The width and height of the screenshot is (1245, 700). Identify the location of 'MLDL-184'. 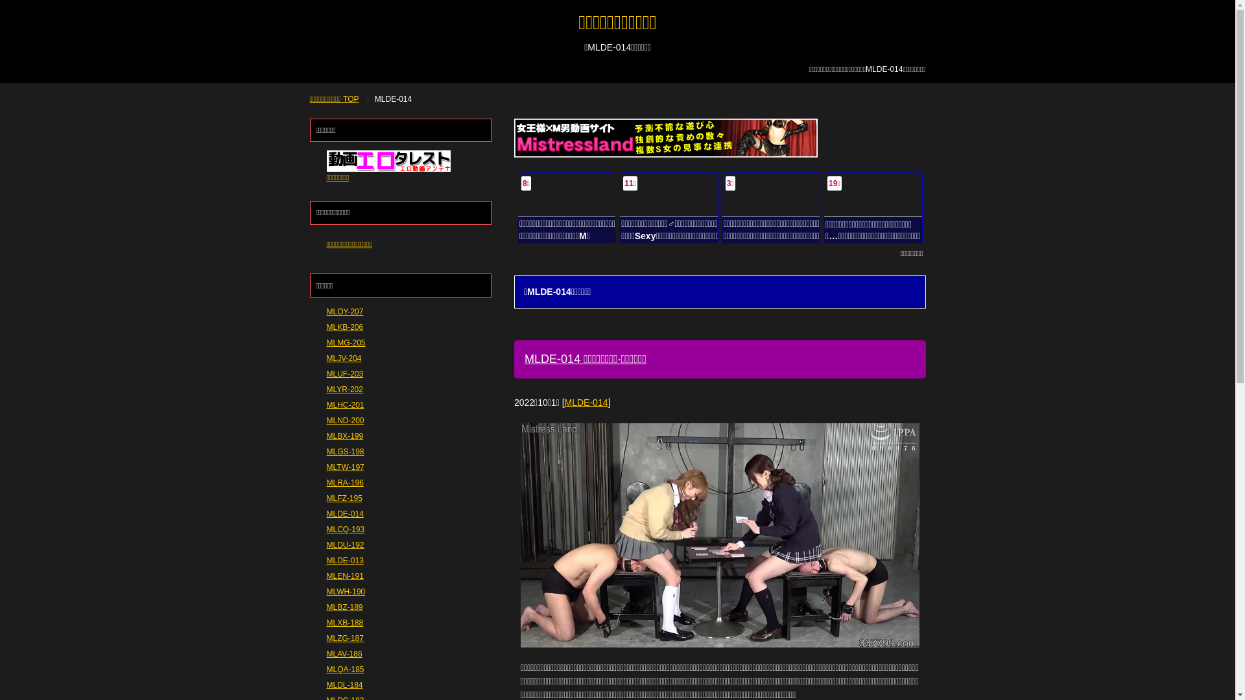
(345, 684).